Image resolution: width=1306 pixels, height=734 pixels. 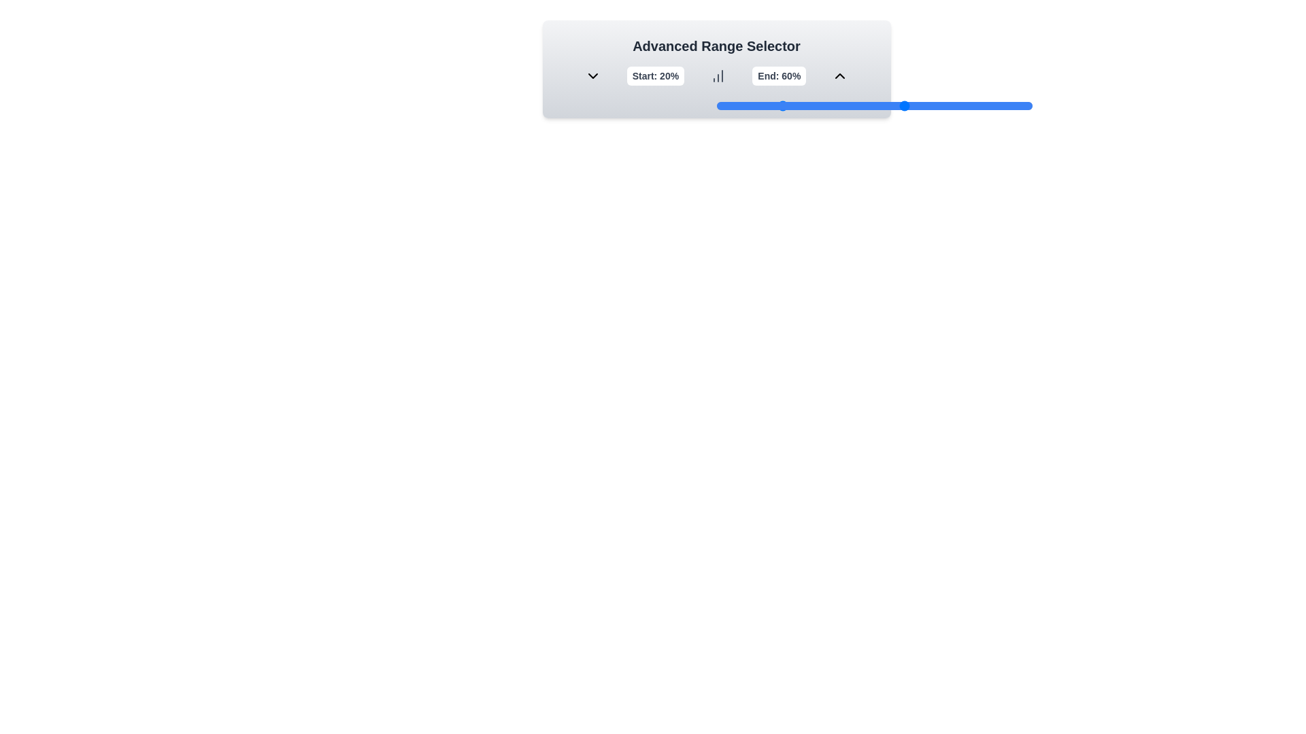 I want to click on the end range slider to 58%, so click(x=899, y=105).